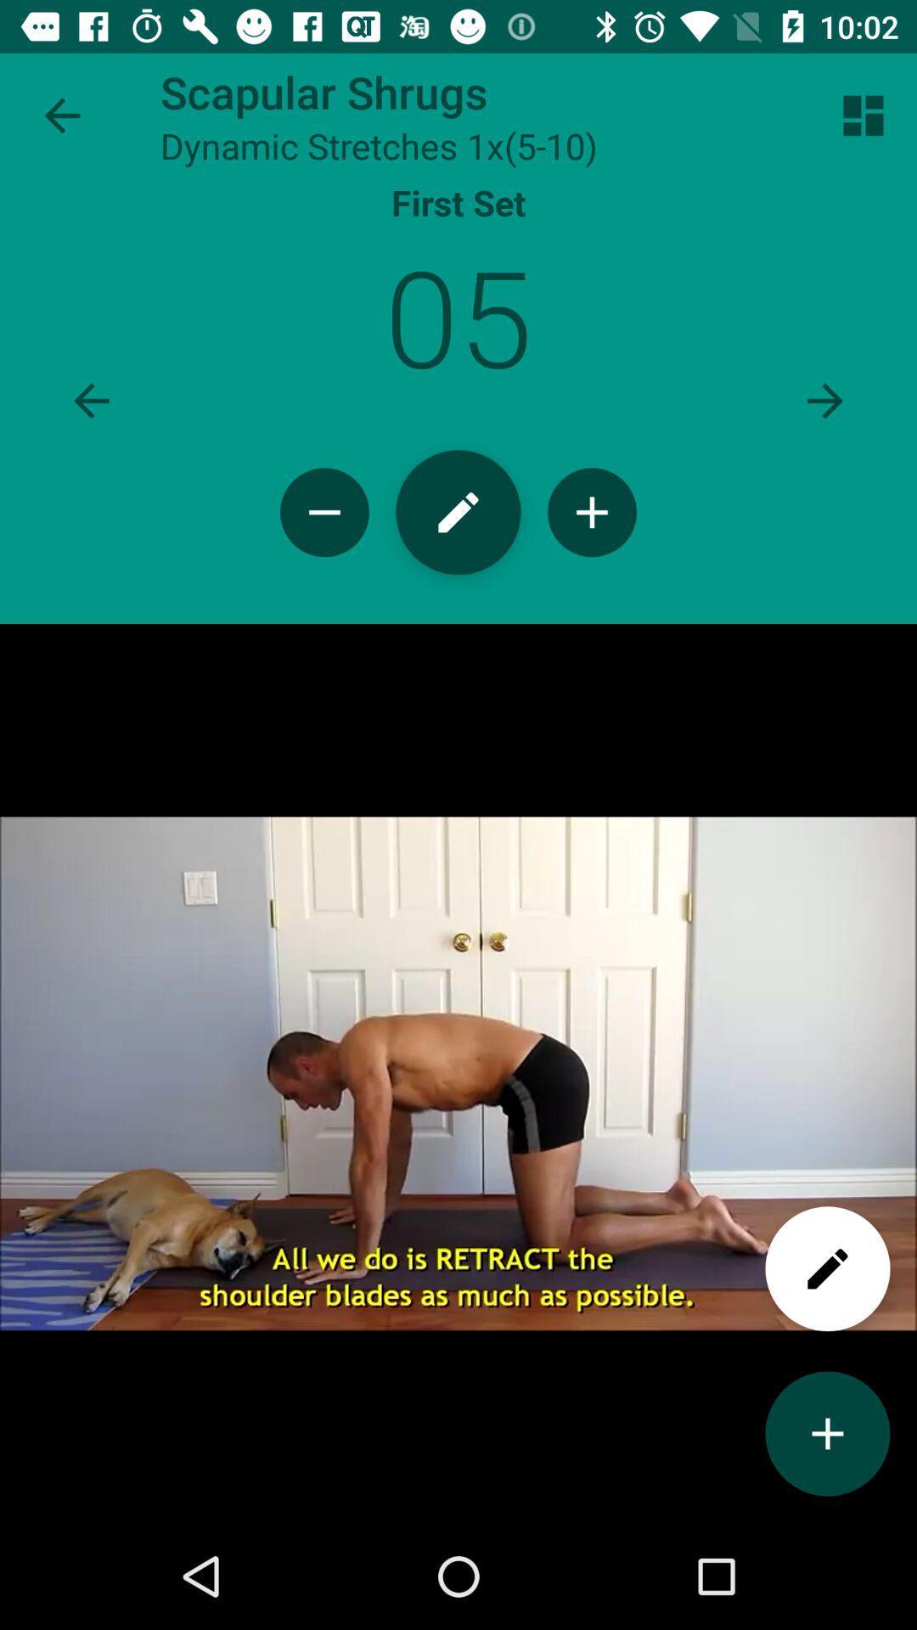  What do you see at coordinates (324, 548) in the screenshot?
I see `the minus icon` at bounding box center [324, 548].